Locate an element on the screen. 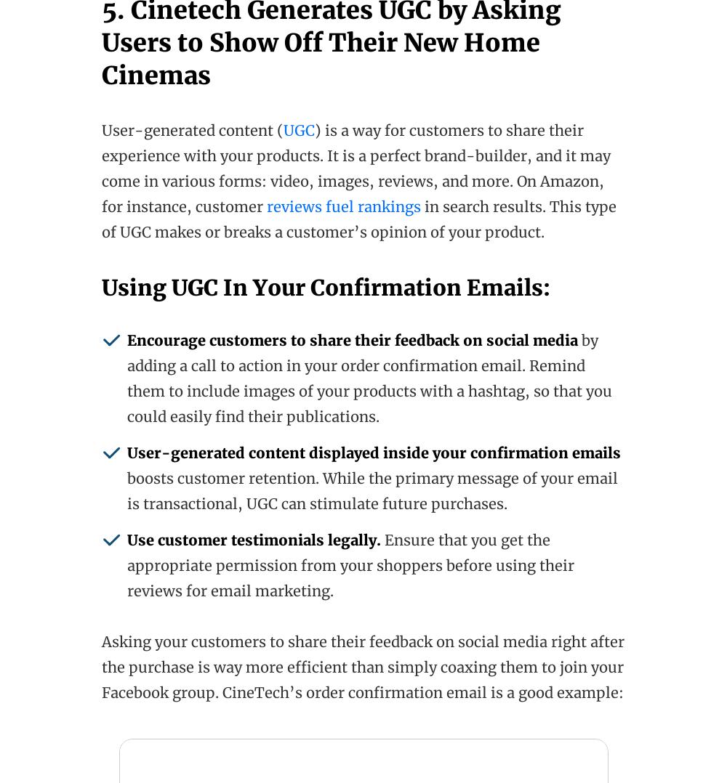  'reviews fuel rankings' is located at coordinates (343, 206).